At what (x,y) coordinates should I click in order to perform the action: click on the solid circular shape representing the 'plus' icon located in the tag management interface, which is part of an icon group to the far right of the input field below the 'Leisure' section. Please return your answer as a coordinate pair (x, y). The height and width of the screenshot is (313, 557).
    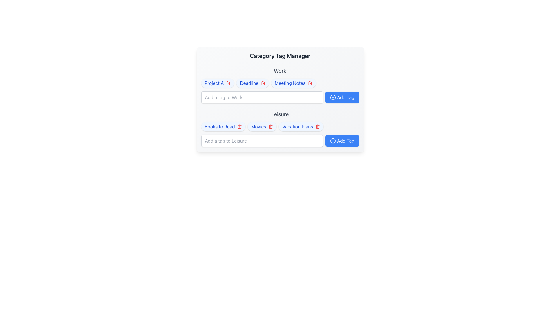
    Looking at the image, I should click on (333, 141).